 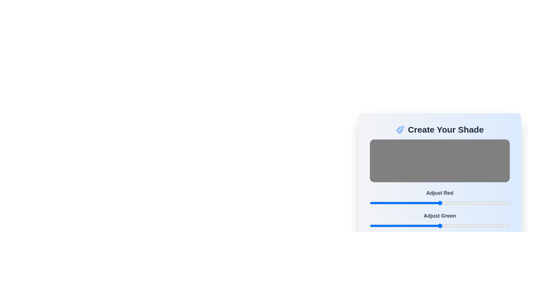 What do you see at coordinates (412, 225) in the screenshot?
I see `the green color slider to 78` at bounding box center [412, 225].